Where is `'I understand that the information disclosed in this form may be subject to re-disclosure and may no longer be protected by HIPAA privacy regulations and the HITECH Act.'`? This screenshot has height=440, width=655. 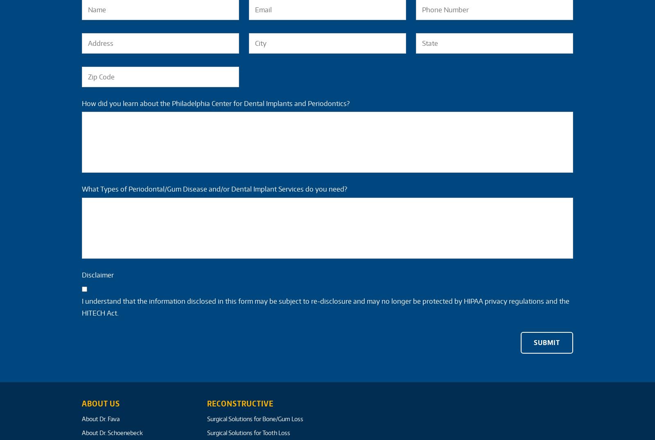
'I understand that the information disclosed in this form may be subject to re-disclosure and may no longer be protected by HIPAA privacy regulations and the HITECH Act.' is located at coordinates (325, 307).